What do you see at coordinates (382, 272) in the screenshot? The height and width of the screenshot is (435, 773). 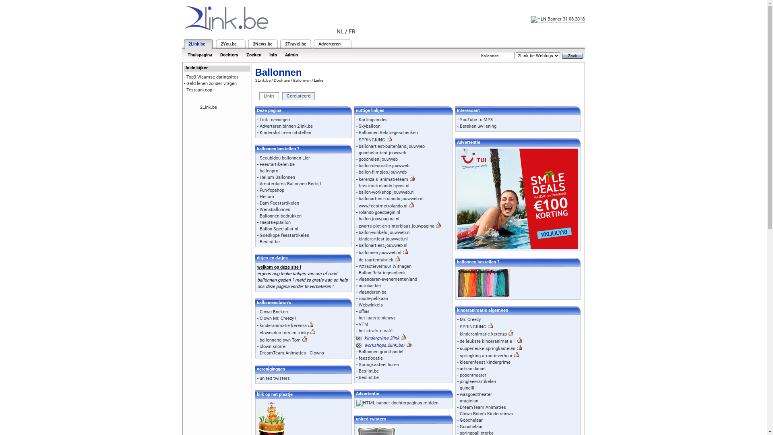 I see `'Ballon Relatiegeschenk'` at bounding box center [382, 272].